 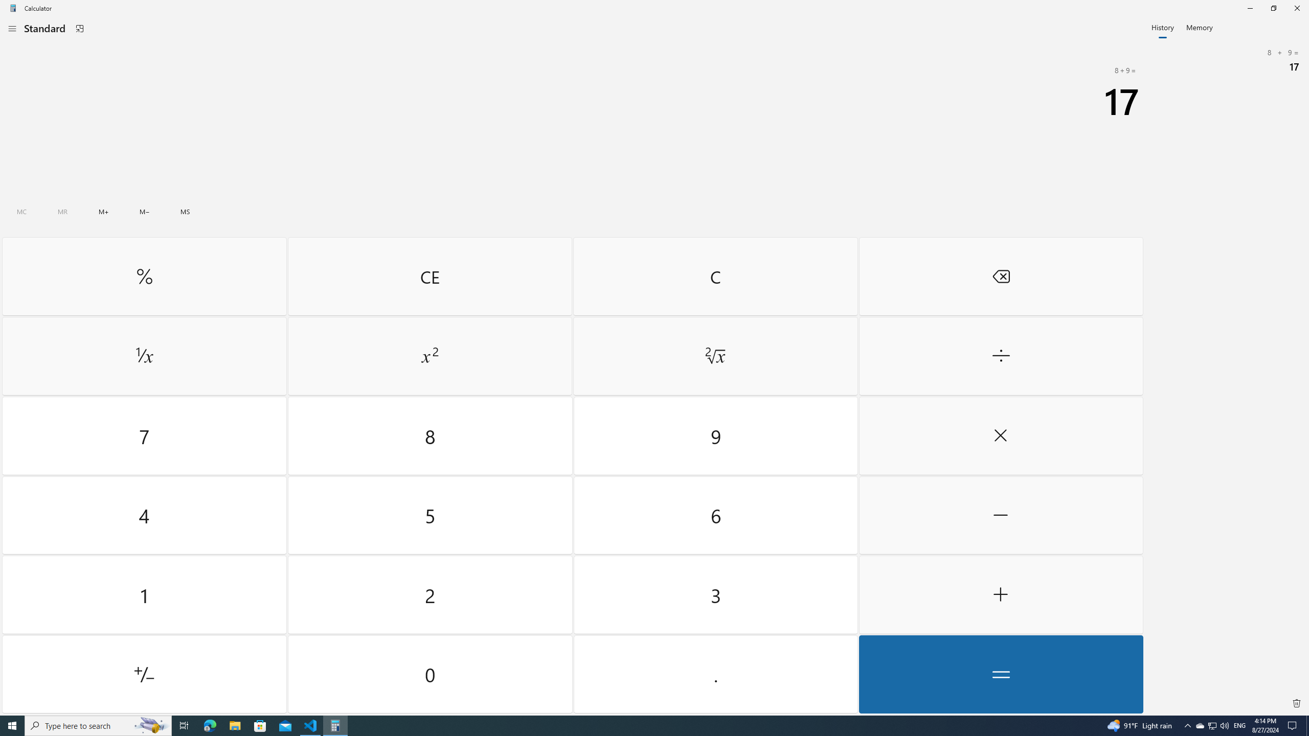 I want to click on 'Three', so click(x=715, y=595).